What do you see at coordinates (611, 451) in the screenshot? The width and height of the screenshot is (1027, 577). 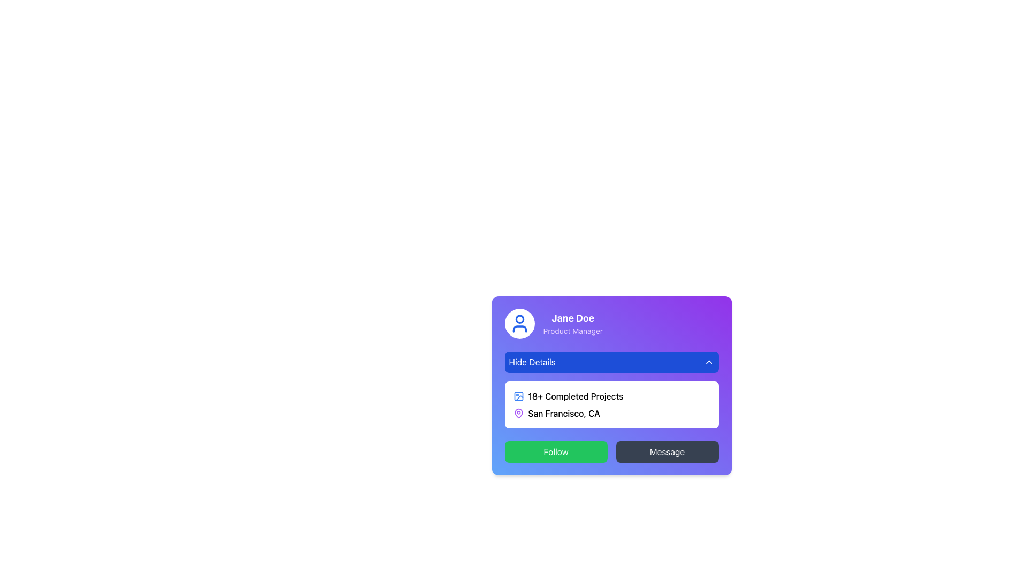 I see `the 'Follow' button, which is part of a horizontal button group with rounded corners located at the bottom of a profile overview card` at bounding box center [611, 451].